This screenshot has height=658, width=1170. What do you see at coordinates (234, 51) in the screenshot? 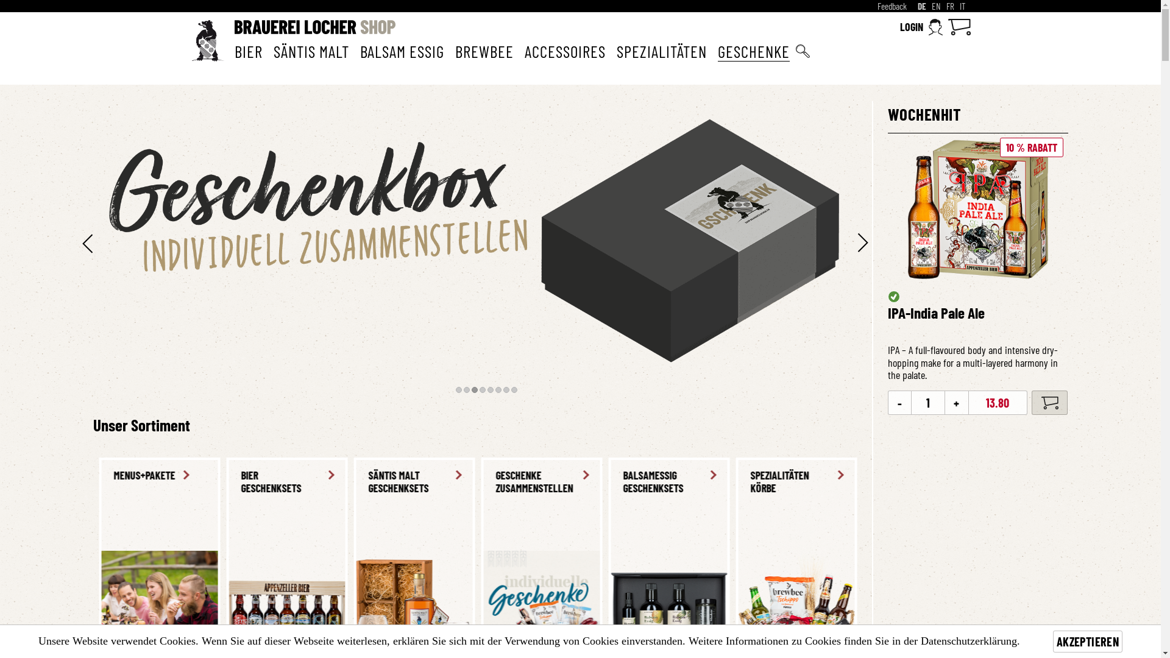
I see `'BIER'` at bounding box center [234, 51].